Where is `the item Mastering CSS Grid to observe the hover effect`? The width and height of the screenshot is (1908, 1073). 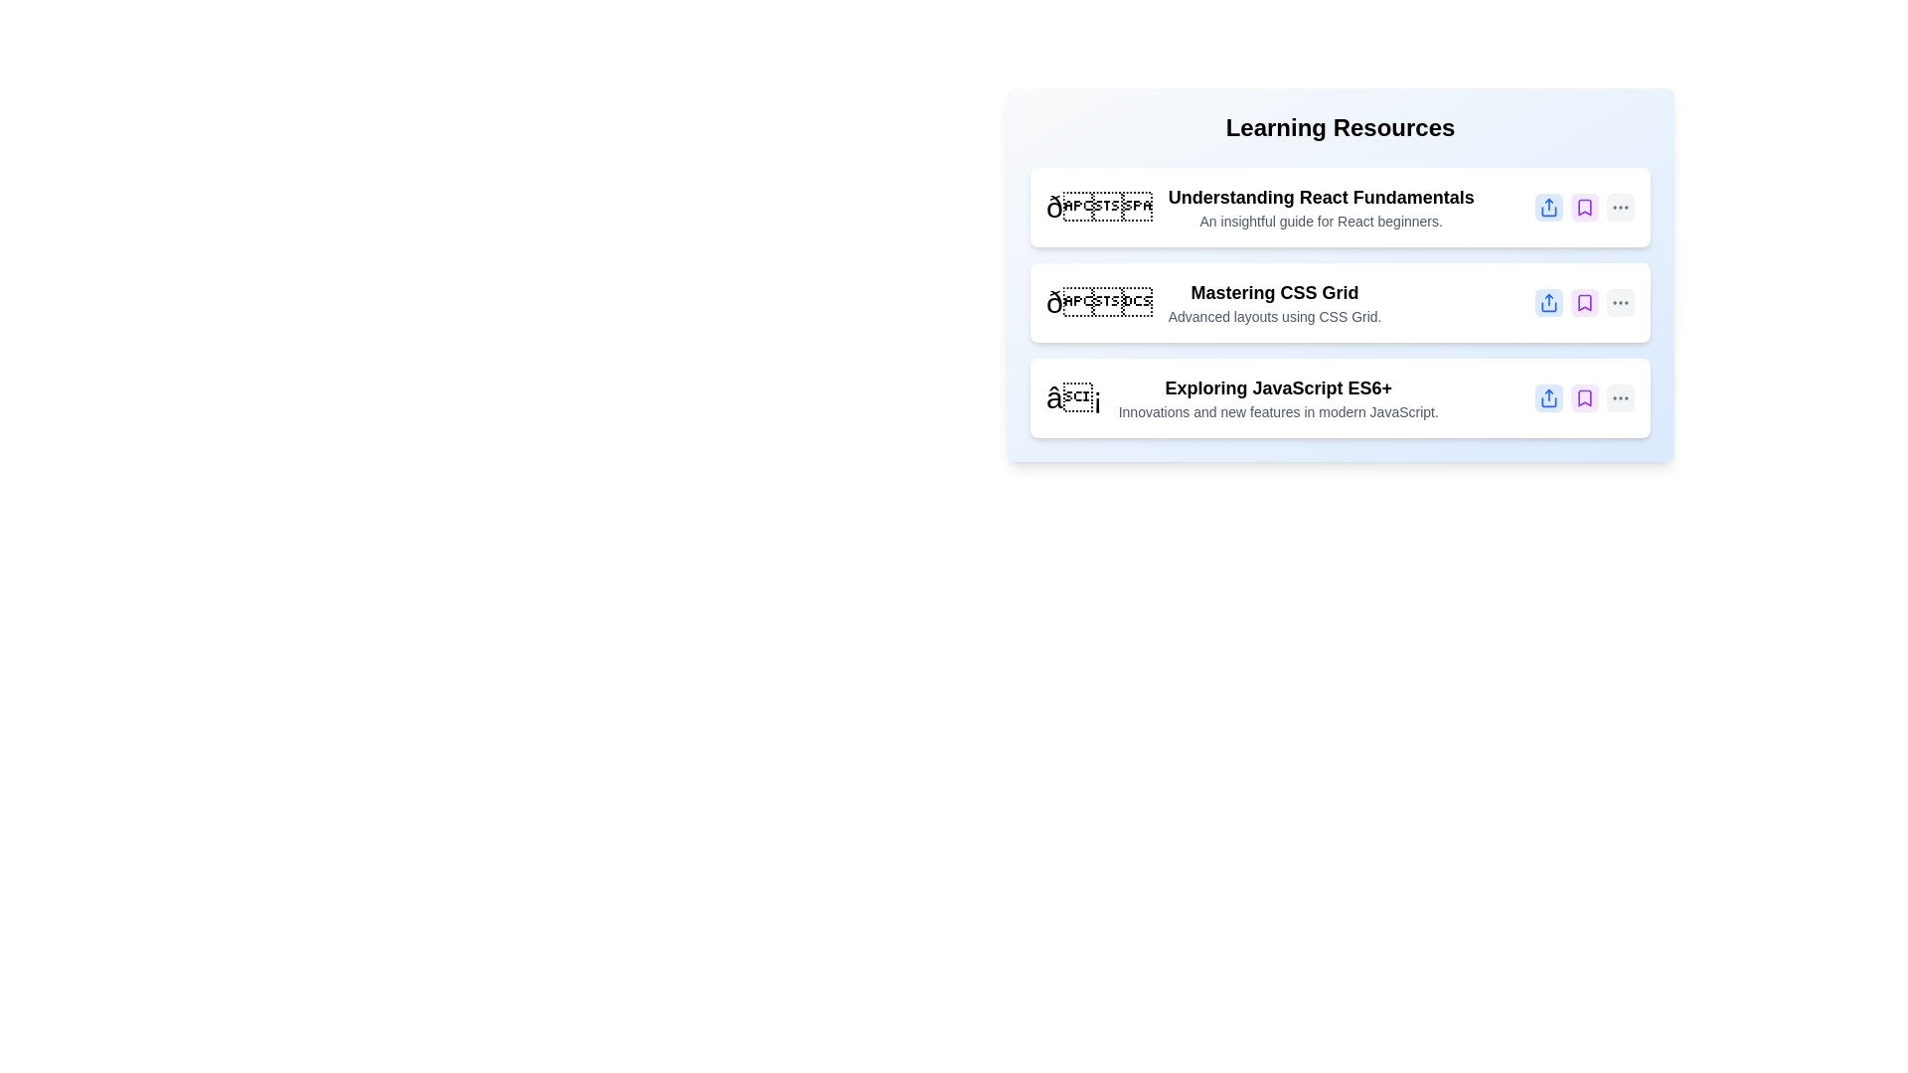 the item Mastering CSS Grid to observe the hover effect is located at coordinates (1340, 302).